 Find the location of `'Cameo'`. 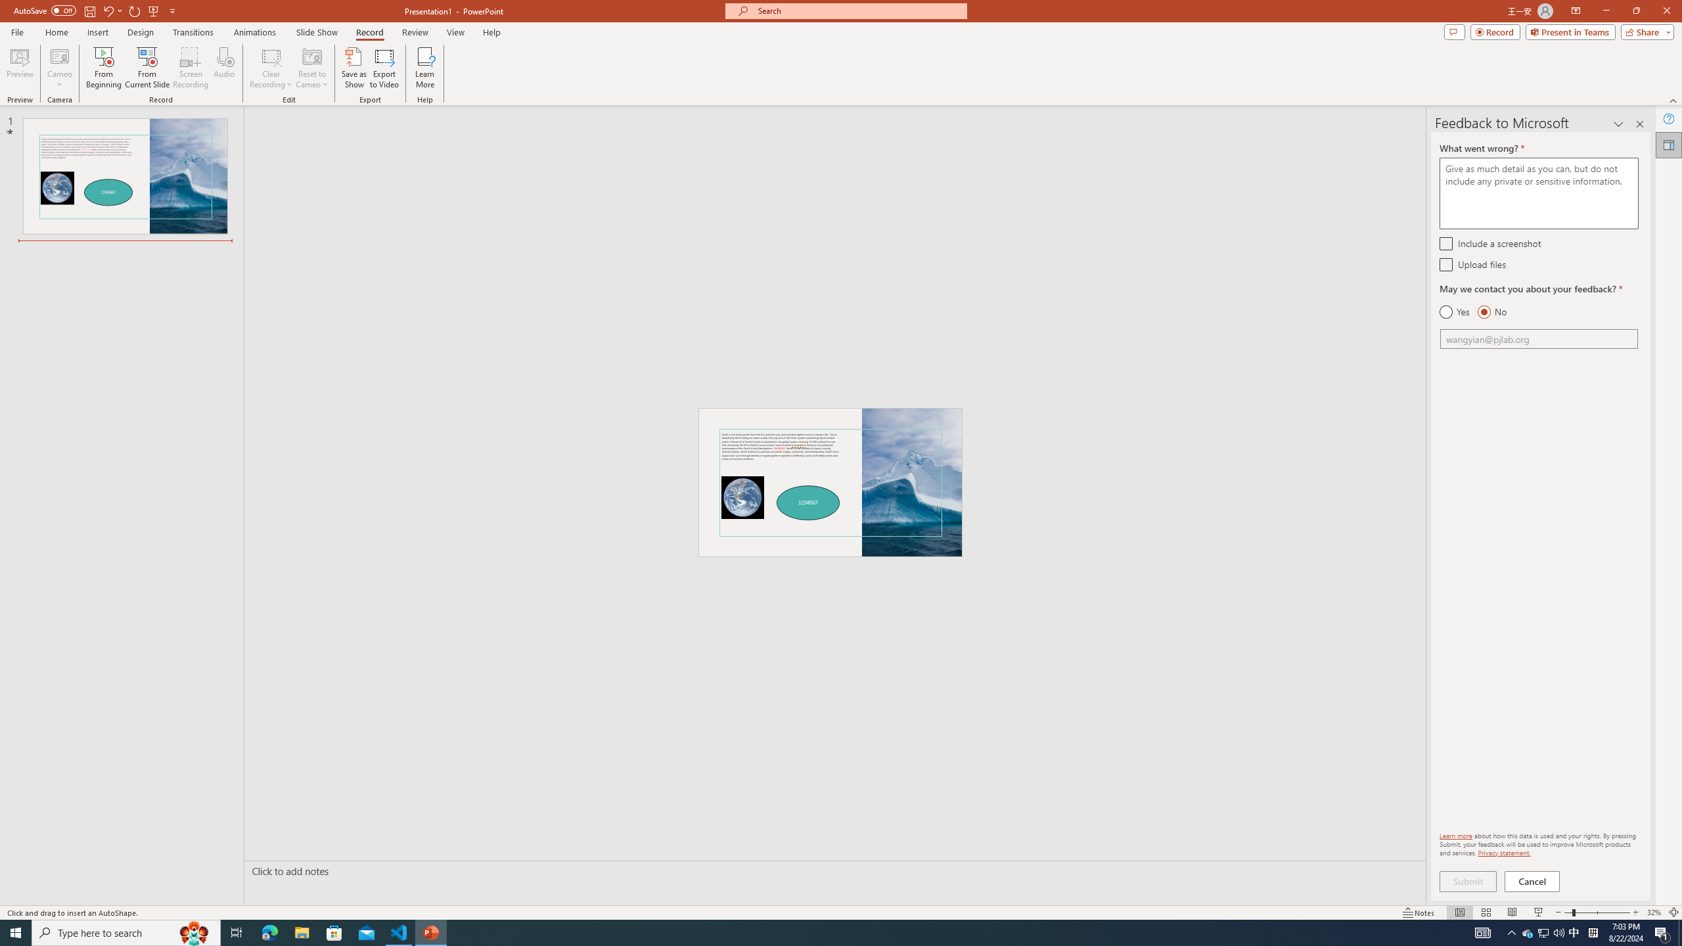

'Cameo' is located at coordinates (58, 68).